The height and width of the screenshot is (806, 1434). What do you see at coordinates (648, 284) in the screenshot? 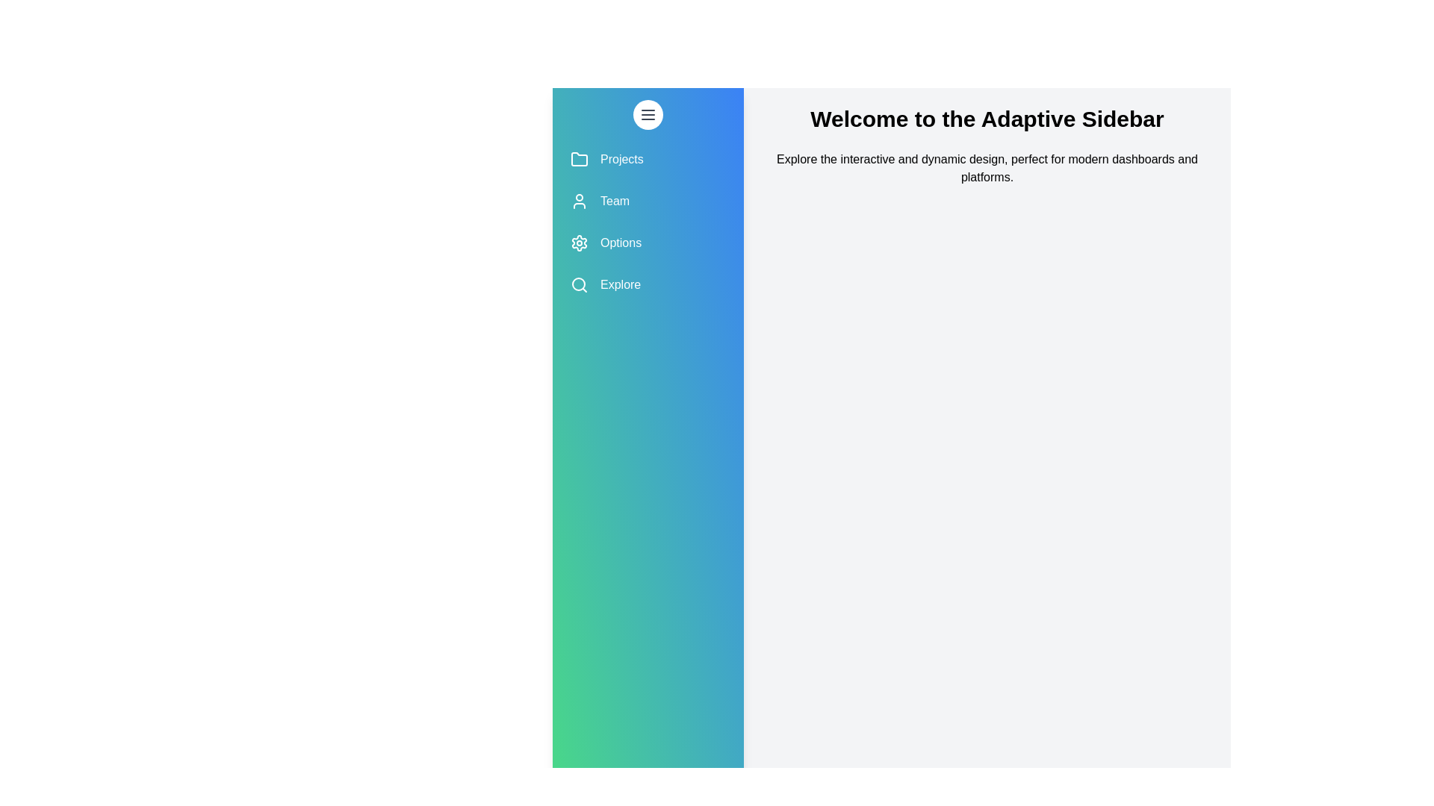
I see `the menu item Explore to view its hover effect` at bounding box center [648, 284].